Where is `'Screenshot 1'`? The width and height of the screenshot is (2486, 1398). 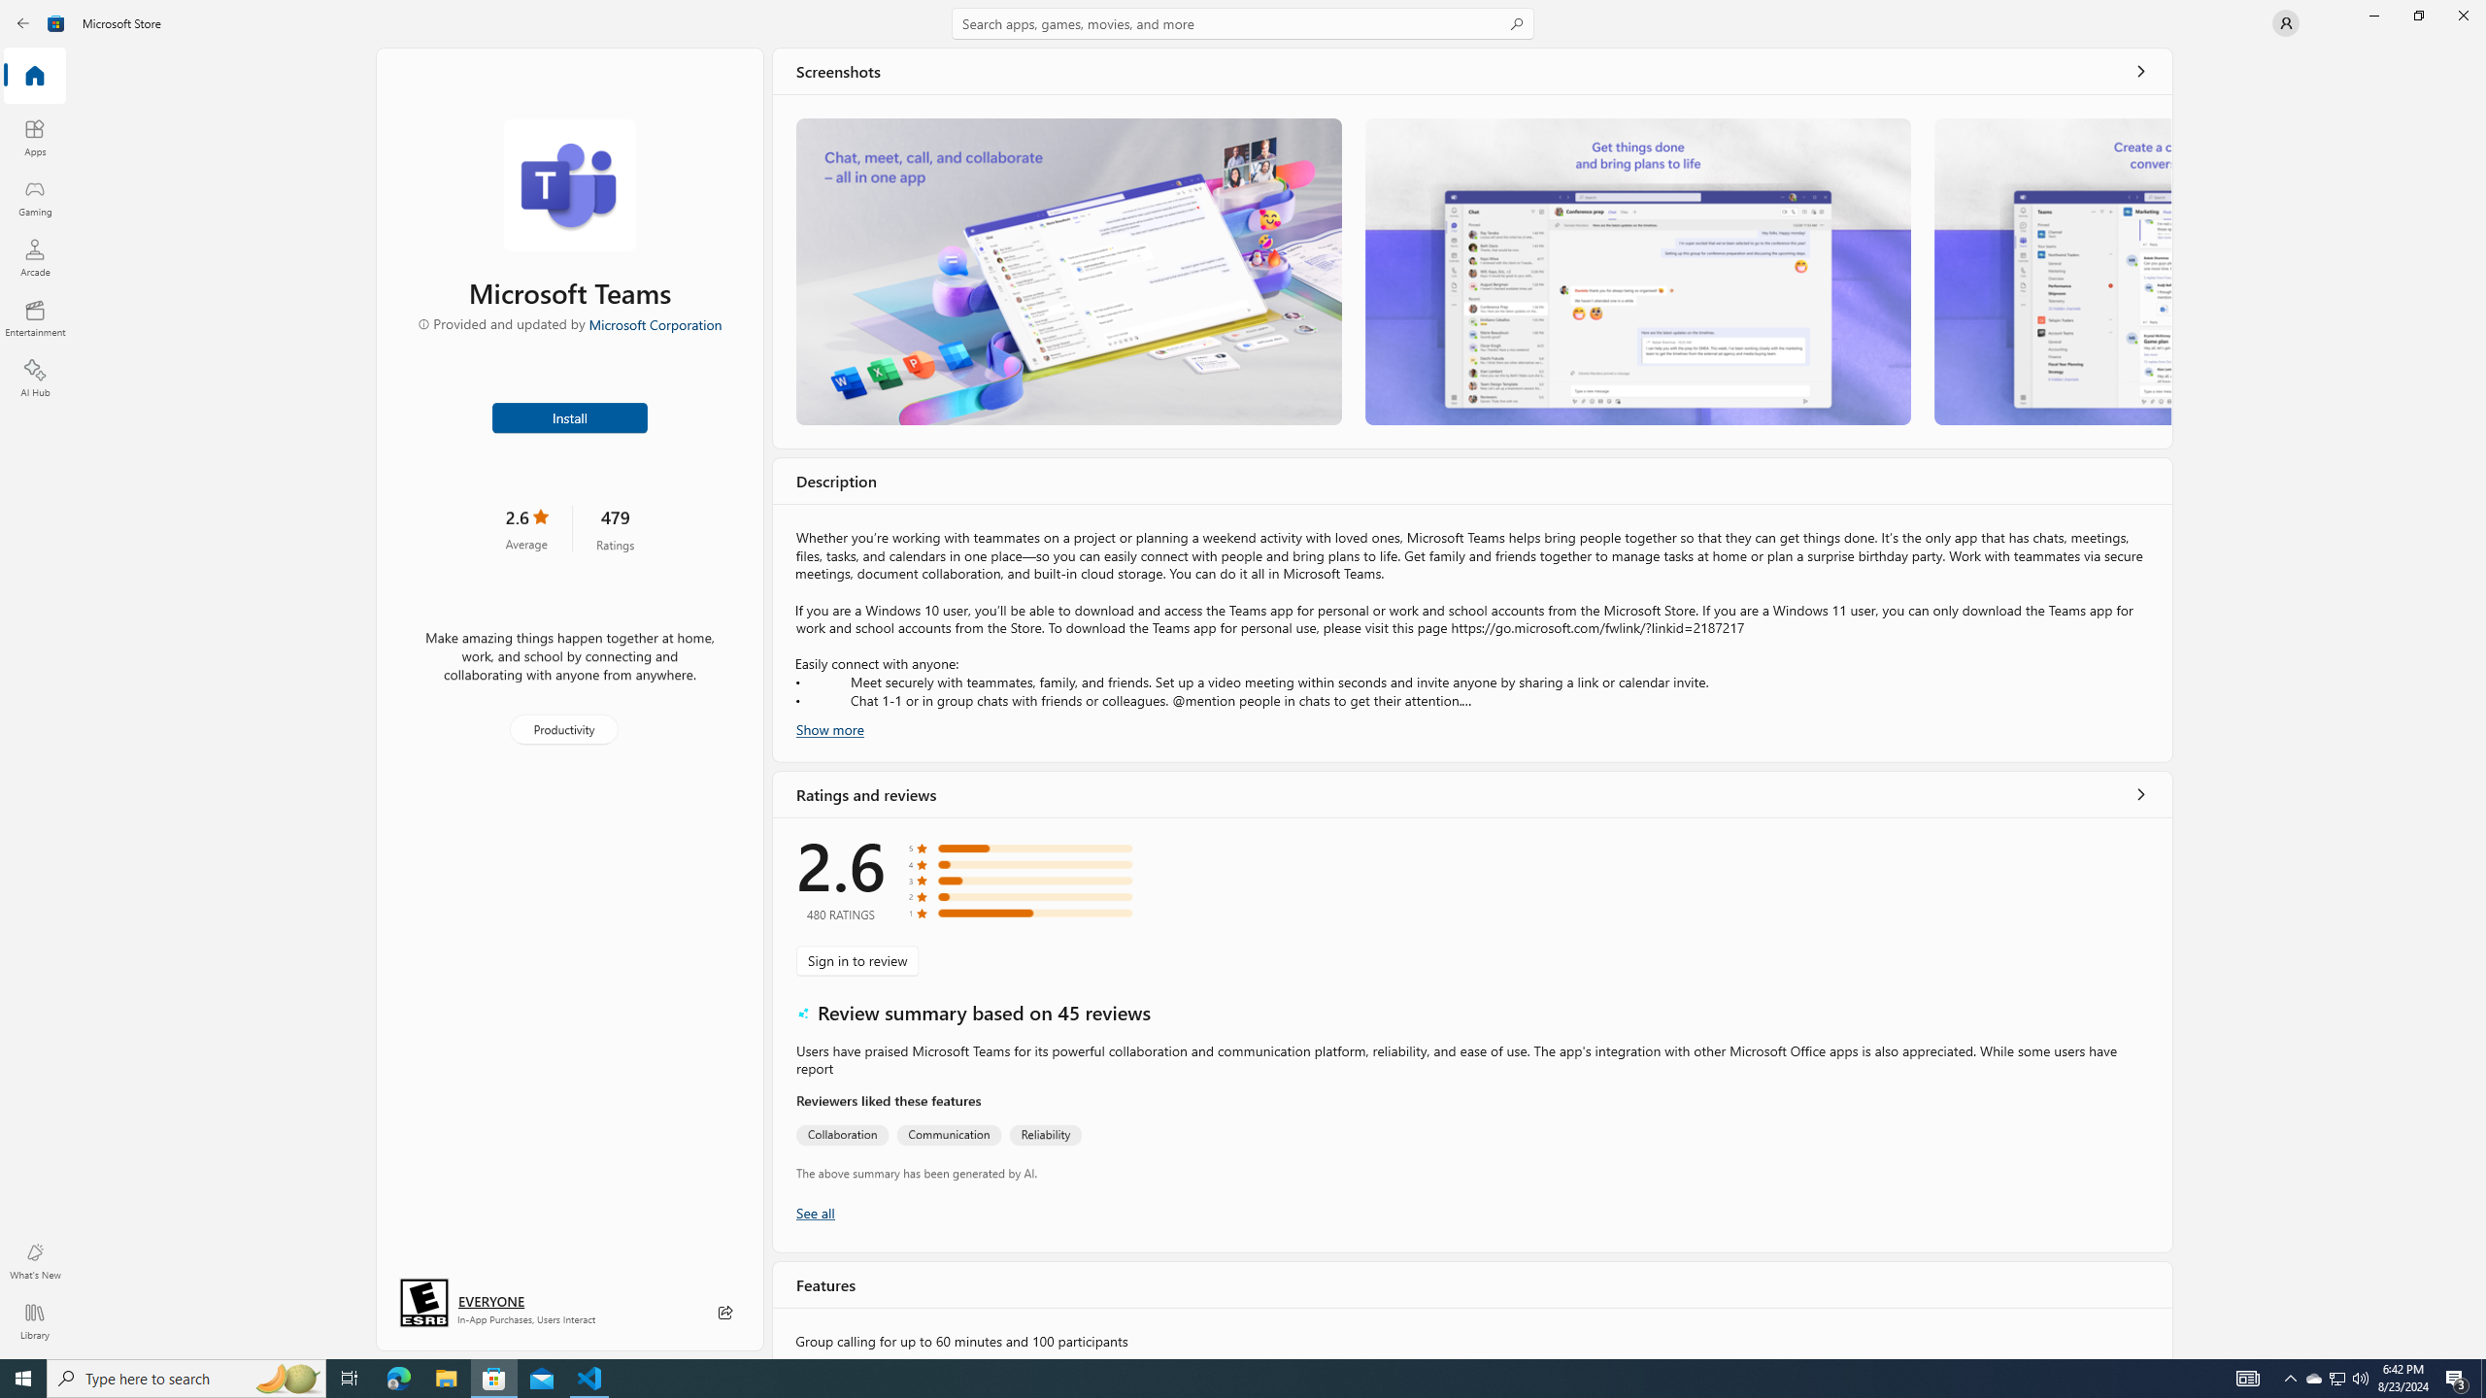
'Screenshot 1' is located at coordinates (1068, 271).